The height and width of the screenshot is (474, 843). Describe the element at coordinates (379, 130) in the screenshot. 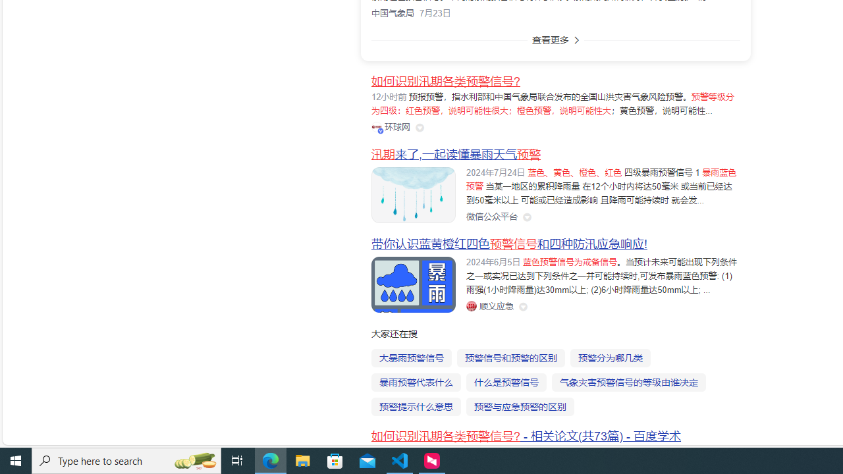

I see `'Class: vip-icon_kNmNt'` at that location.